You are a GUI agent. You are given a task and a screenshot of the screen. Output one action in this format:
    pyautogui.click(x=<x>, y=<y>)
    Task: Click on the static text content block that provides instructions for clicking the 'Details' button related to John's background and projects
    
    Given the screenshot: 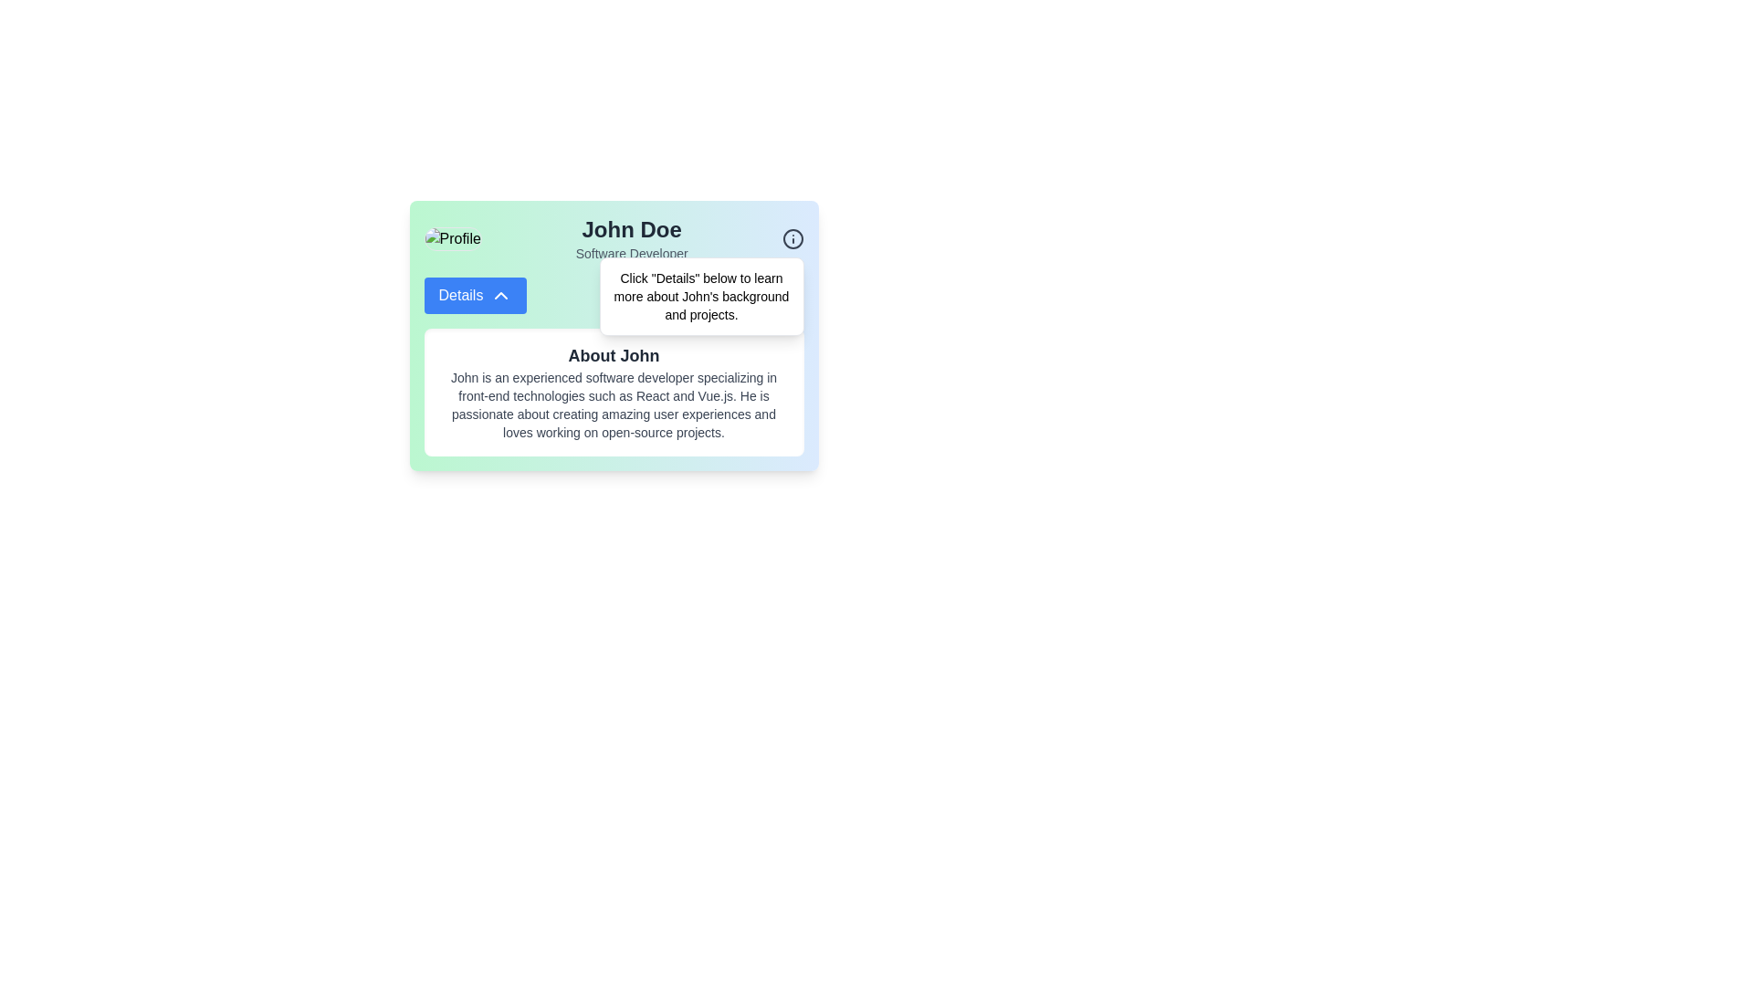 What is the action you would take?
    pyautogui.click(x=700, y=295)
    